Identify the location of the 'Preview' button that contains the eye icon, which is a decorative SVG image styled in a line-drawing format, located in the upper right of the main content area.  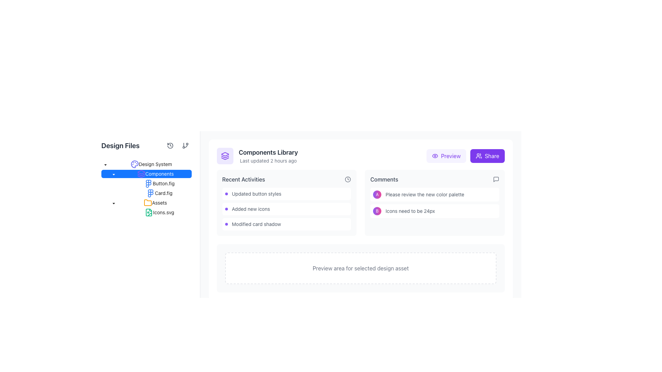
(435, 156).